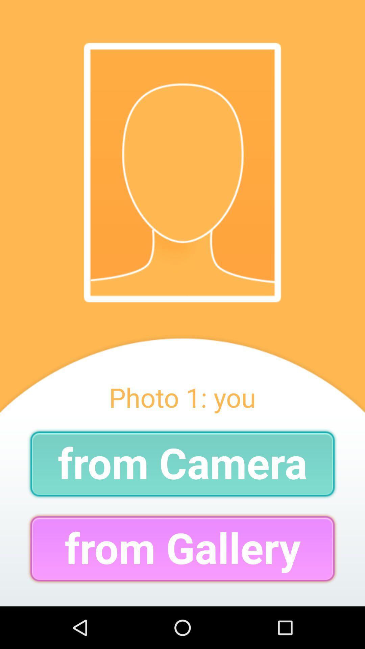 This screenshot has width=365, height=649. What do you see at coordinates (182, 463) in the screenshot?
I see `the from camera item` at bounding box center [182, 463].